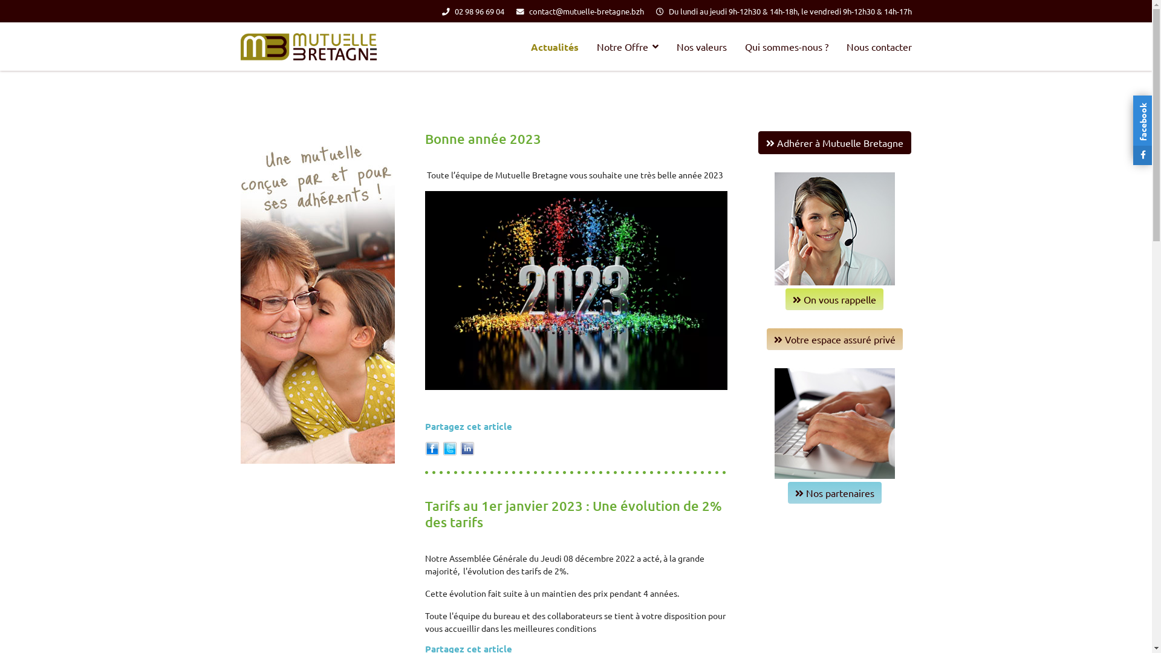 This screenshot has height=653, width=1161. I want to click on 'Nos partenaires', so click(833, 492).